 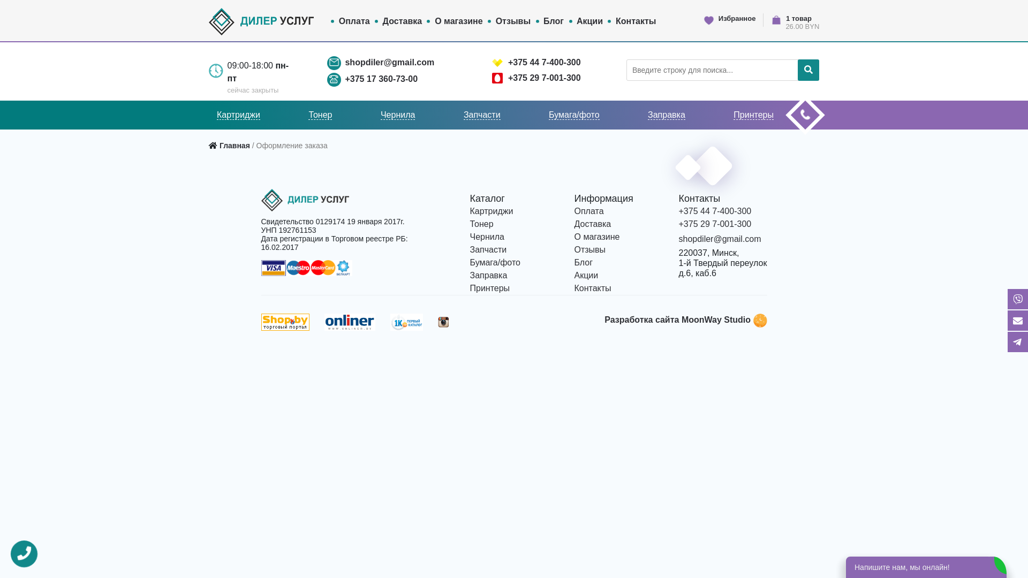 What do you see at coordinates (381, 78) in the screenshot?
I see `'+375 17 360-73-00'` at bounding box center [381, 78].